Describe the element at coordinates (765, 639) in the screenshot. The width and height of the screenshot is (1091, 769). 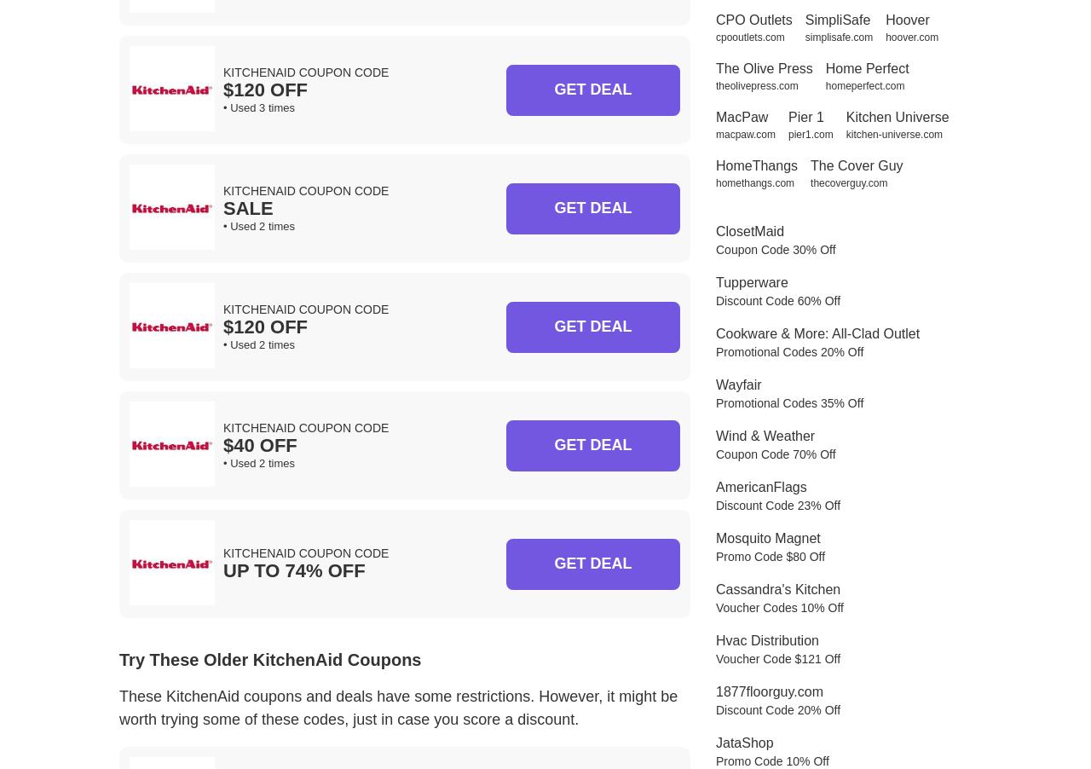
I see `'Hvac Distribution'` at that location.